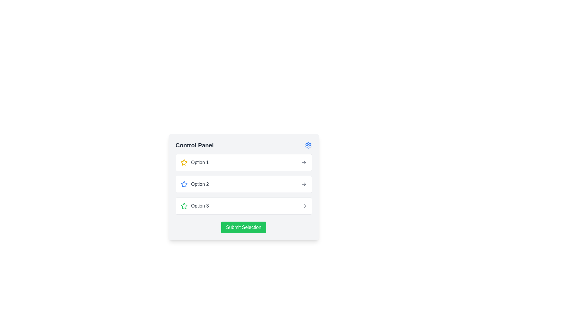  I want to click on the text label reading 'Option 1', which is styled in medium font-weight and dark gray color, located, so click(194, 163).